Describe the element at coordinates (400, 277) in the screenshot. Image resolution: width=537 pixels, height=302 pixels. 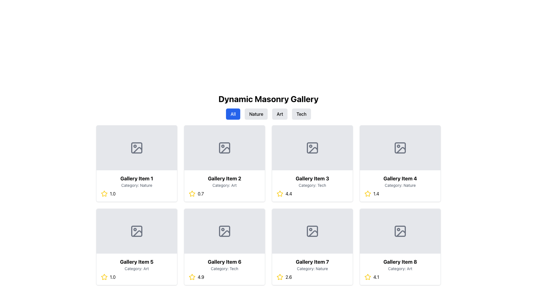
I see `the rating value '4.1' displayed to the right of the yellow star icon in the Rating display component located within 'Gallery Item 8' card` at that location.